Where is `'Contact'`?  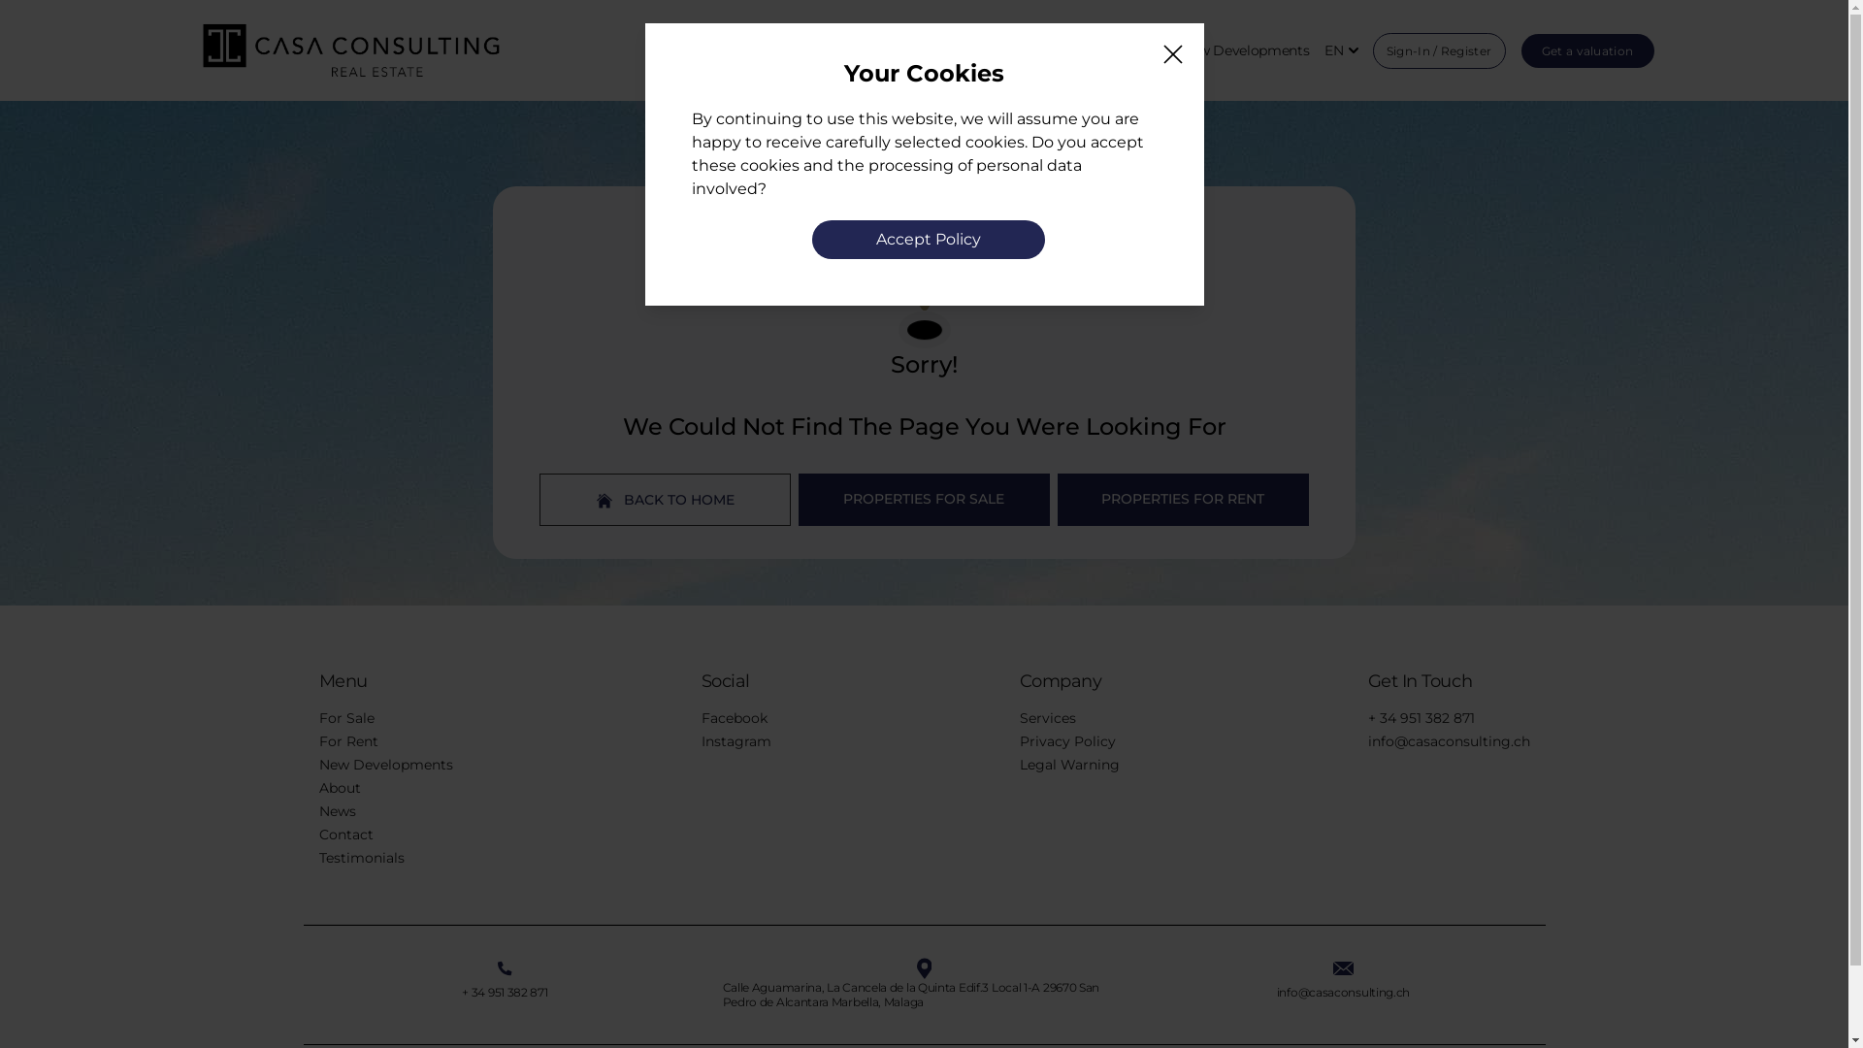 'Contact' is located at coordinates (344, 834).